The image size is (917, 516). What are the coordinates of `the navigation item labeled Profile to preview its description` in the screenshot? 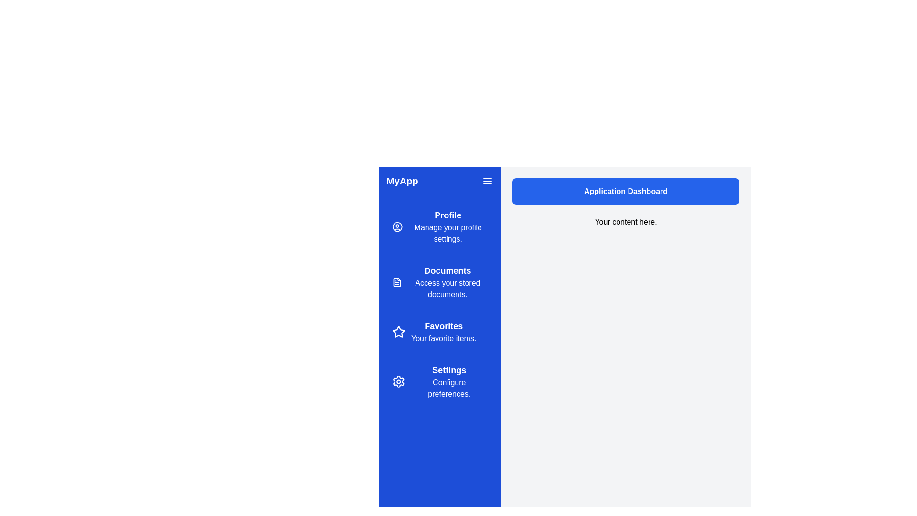 It's located at (439, 226).